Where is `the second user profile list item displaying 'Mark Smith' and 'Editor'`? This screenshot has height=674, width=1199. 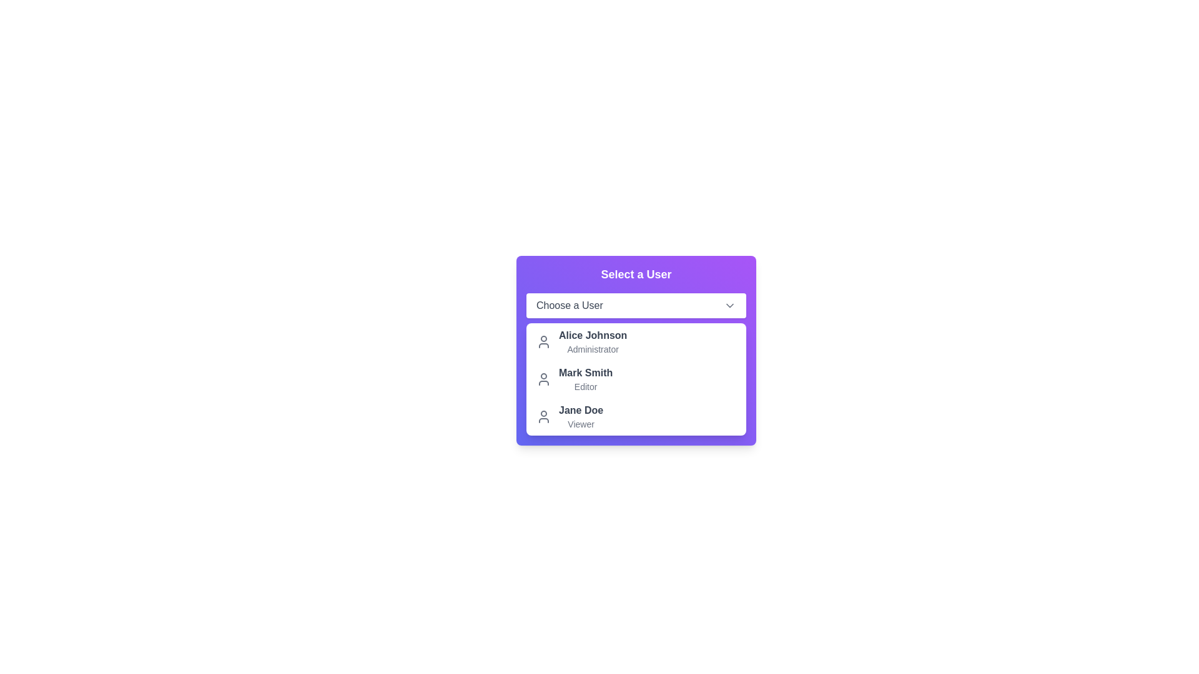
the second user profile list item displaying 'Mark Smith' and 'Editor' is located at coordinates (574, 379).